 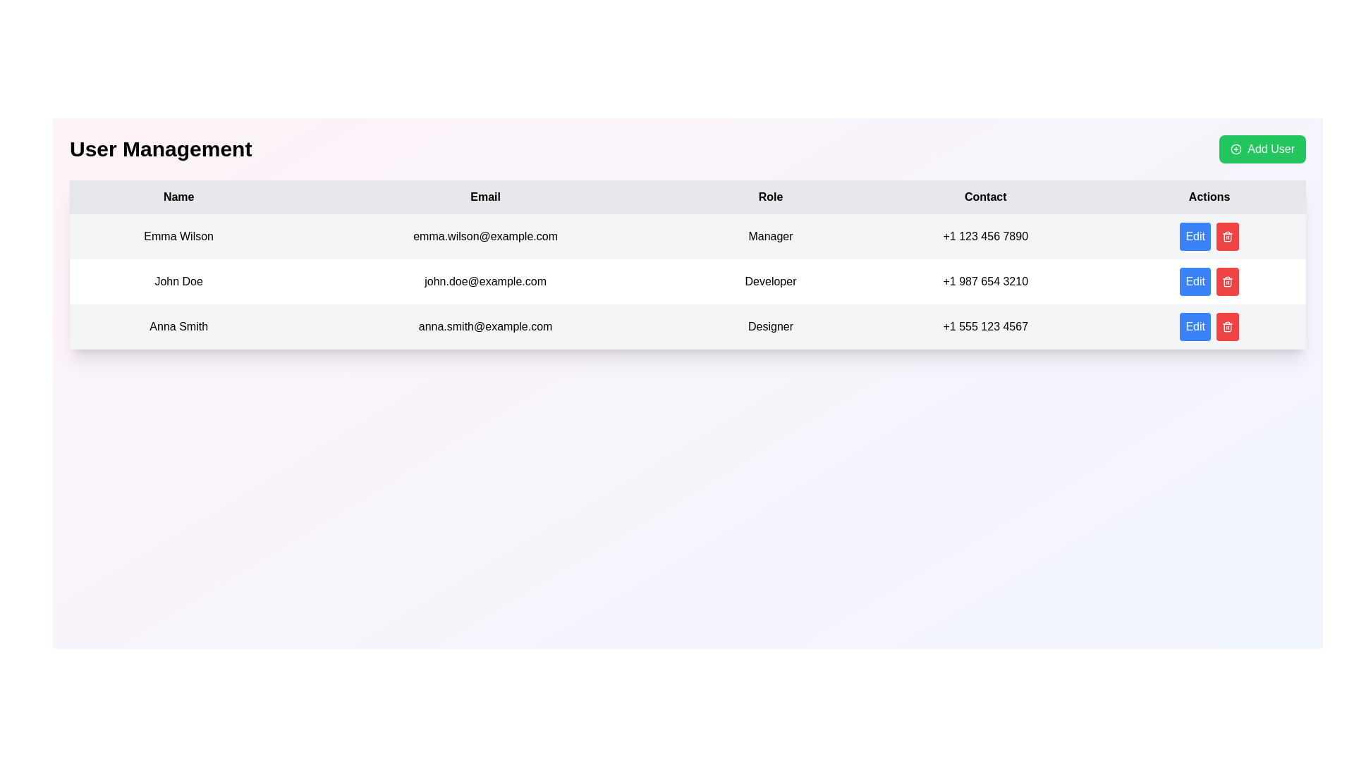 What do you see at coordinates (485, 282) in the screenshot?
I see `the text element displaying the email address 'john.doe@example.com', which is located in the second cell of the 'Email' column in the table row for 'John Doe'` at bounding box center [485, 282].